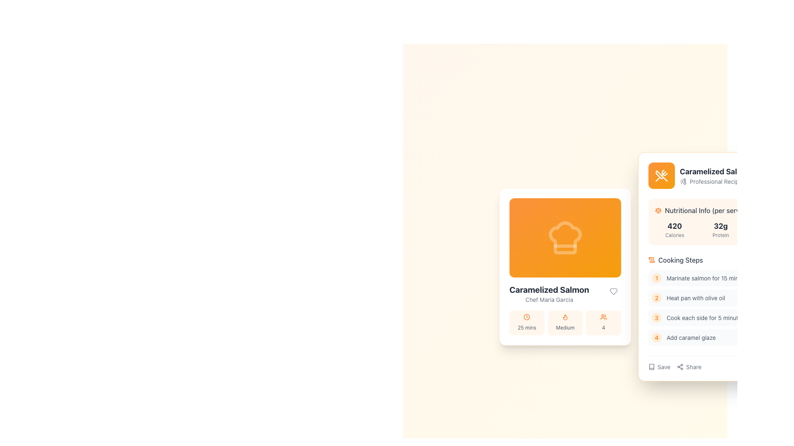  I want to click on the Information box that displays nutritional information about the current dish, located in the right side panel above the 'Cooking Steps' section, so click(720, 221).